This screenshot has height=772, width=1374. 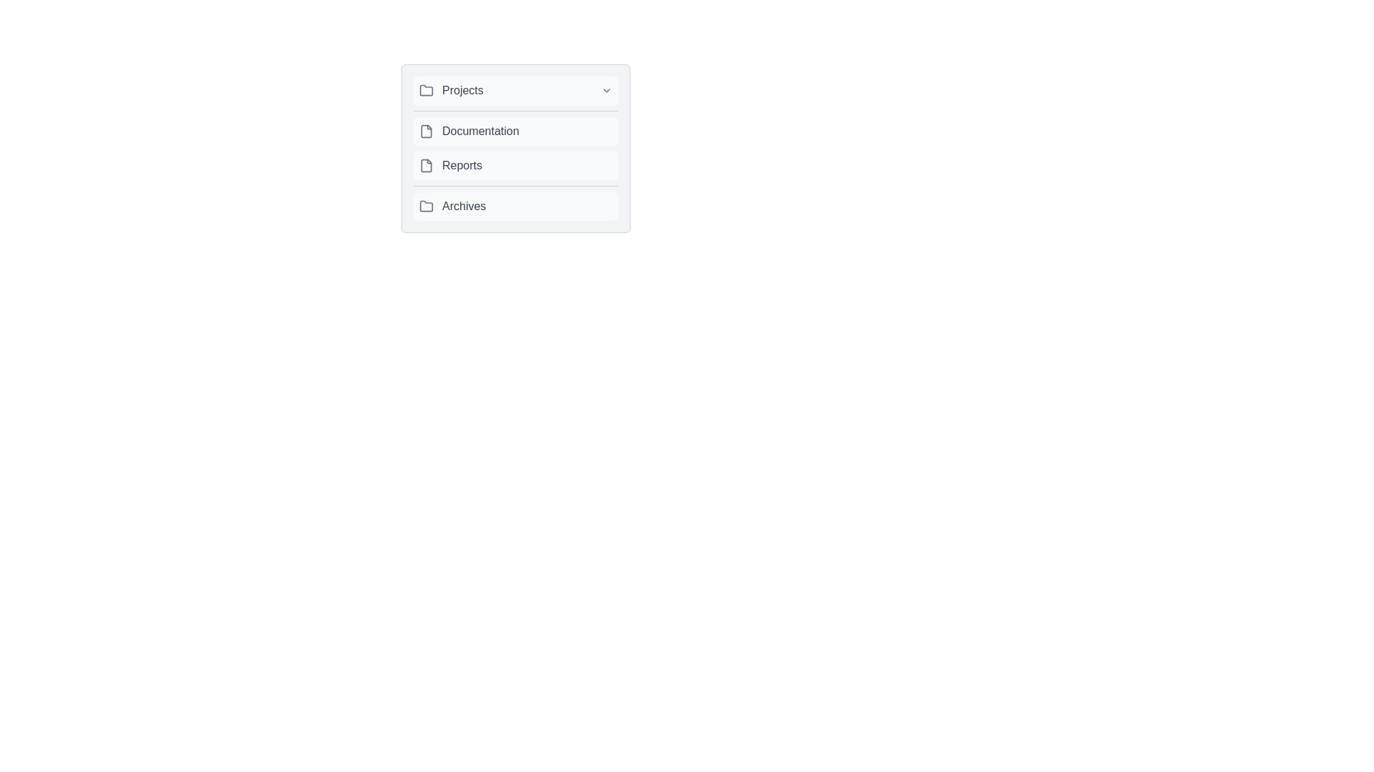 I want to click on the small document icon associated with the 'Reports' label, which is the third item in the vertical list, so click(x=425, y=164).